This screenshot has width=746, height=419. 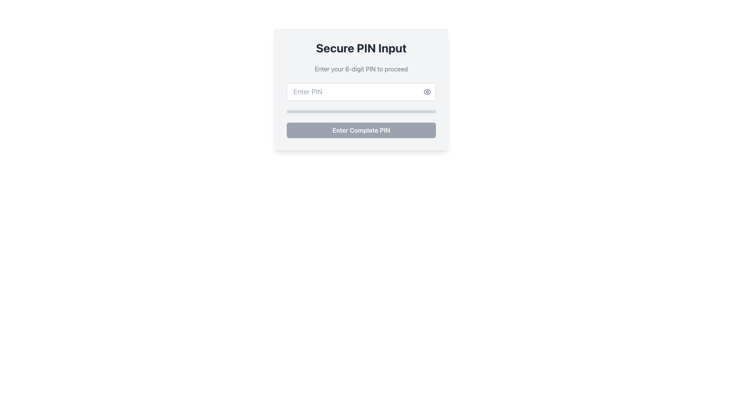 I want to click on the icon located to the right of the 'Enter PIN' input field, so click(x=427, y=91).